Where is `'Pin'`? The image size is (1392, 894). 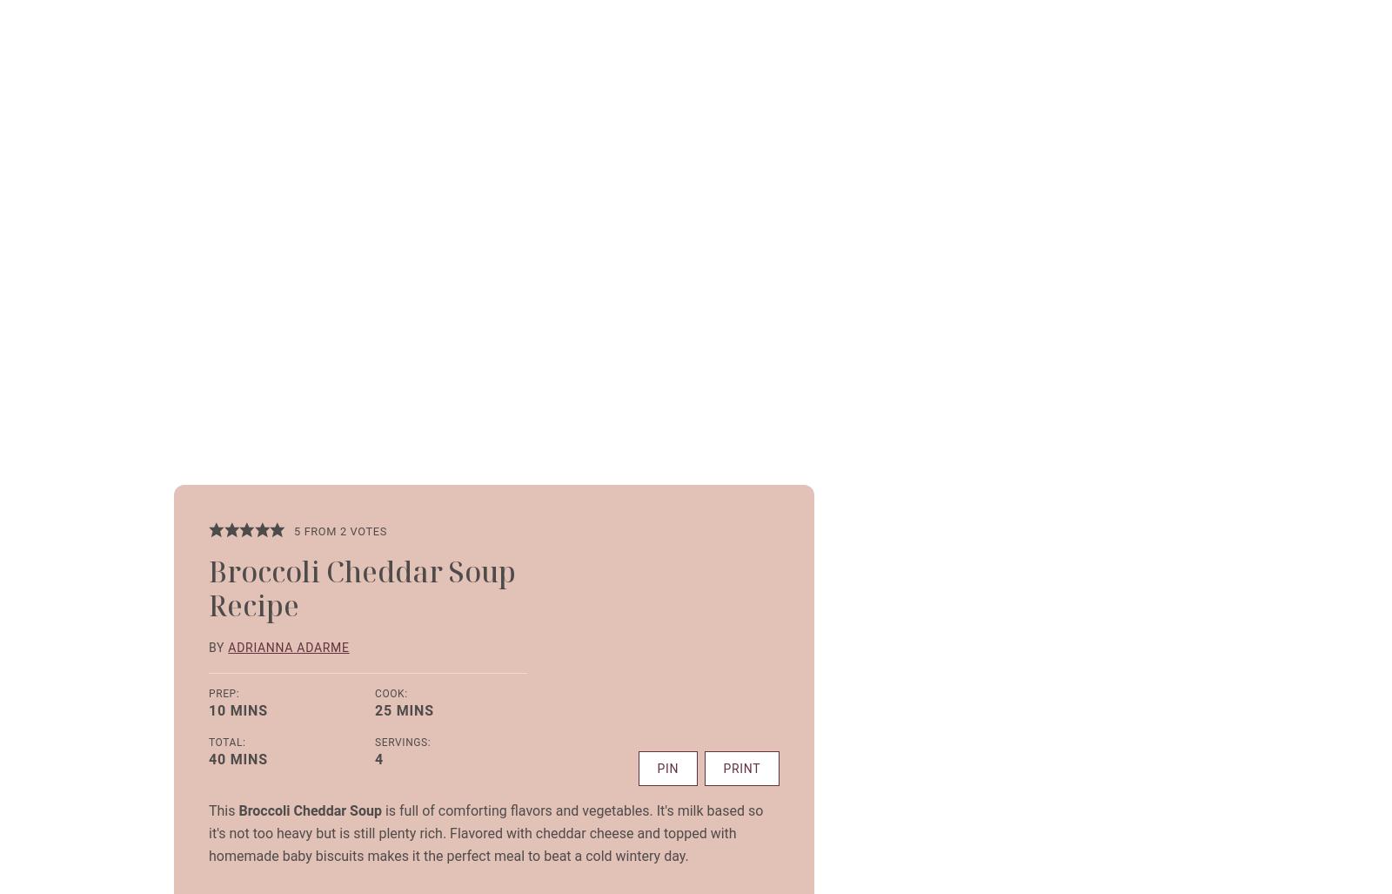
'Pin' is located at coordinates (667, 766).